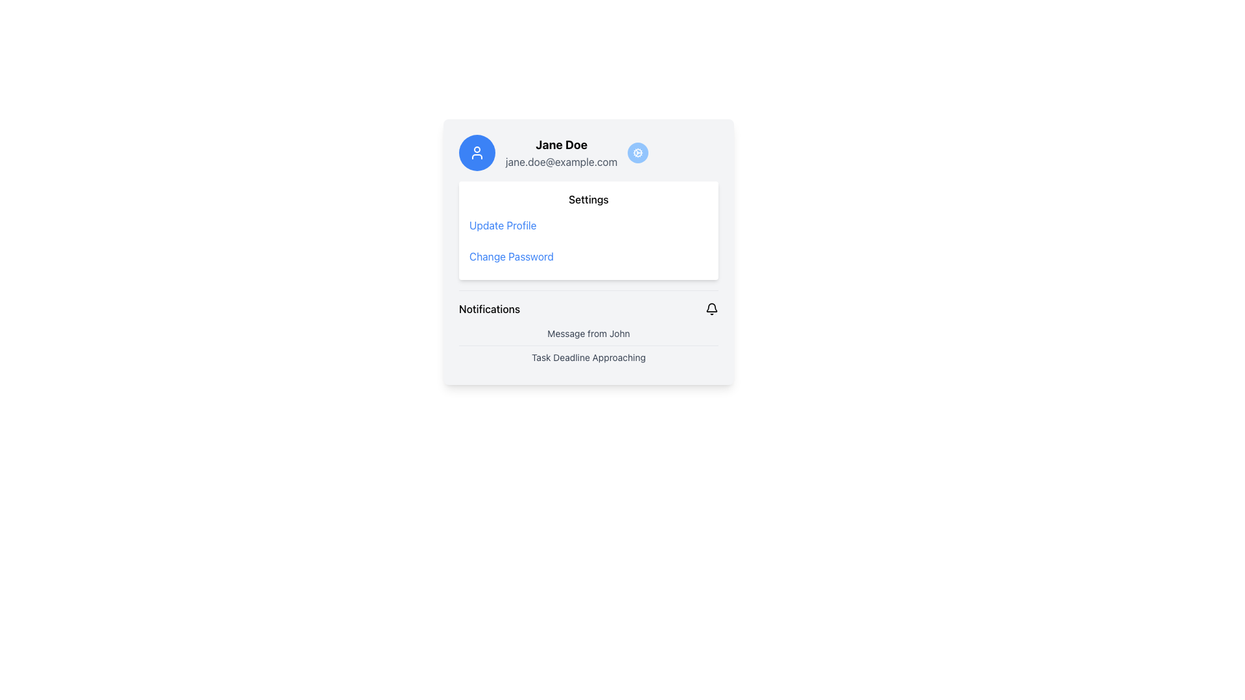  What do you see at coordinates (562, 145) in the screenshot?
I see `the text label displaying 'Jane Doe', which is styled in bold and larger font, positioned above the email address 'jane.doe@example.com' and to the right of a user profile icon` at bounding box center [562, 145].